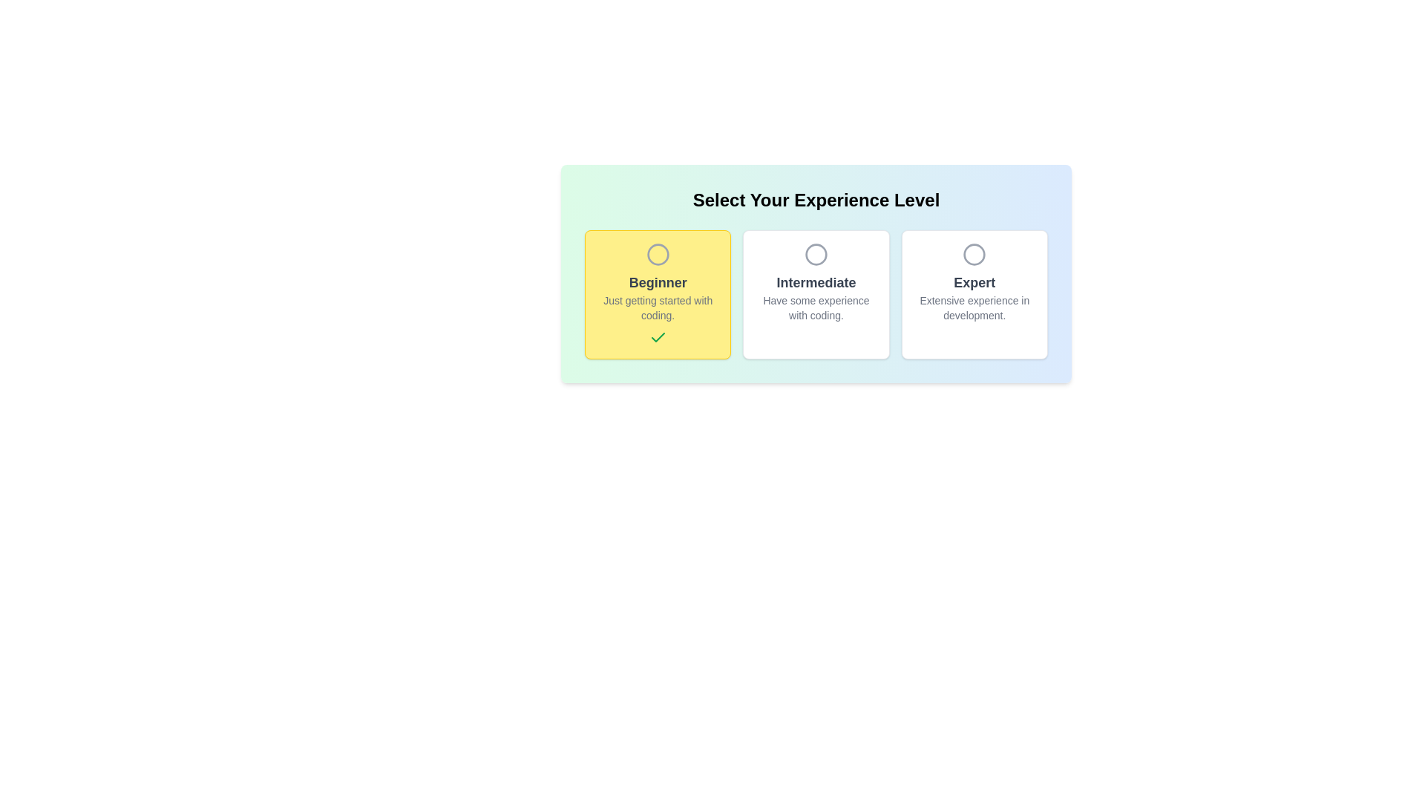  I want to click on the static text that provides descriptive information about the 'Beginner' option, located below the 'Beginner' text inside the yellow-highlighted box in the 'Select Your Experience Level' section, so click(657, 307).